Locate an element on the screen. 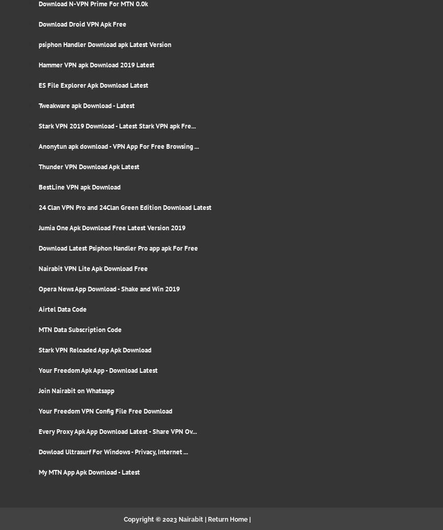 Image resolution: width=443 pixels, height=530 pixels. '| Return' is located at coordinates (216, 520).